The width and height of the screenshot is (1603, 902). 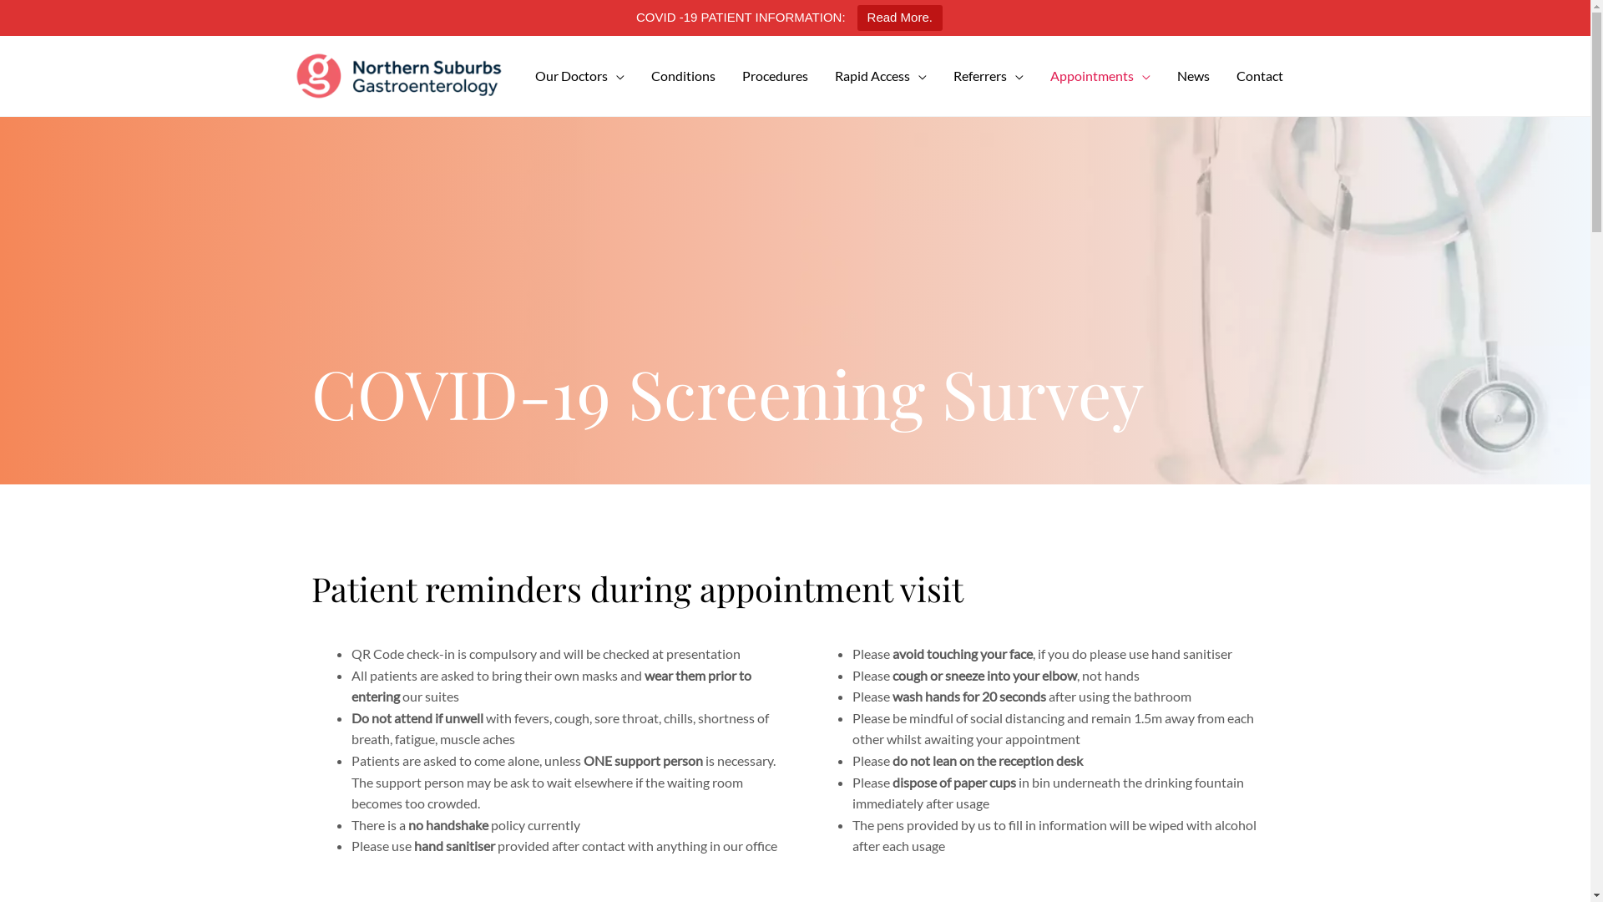 I want to click on 'Referrers', so click(x=989, y=76).